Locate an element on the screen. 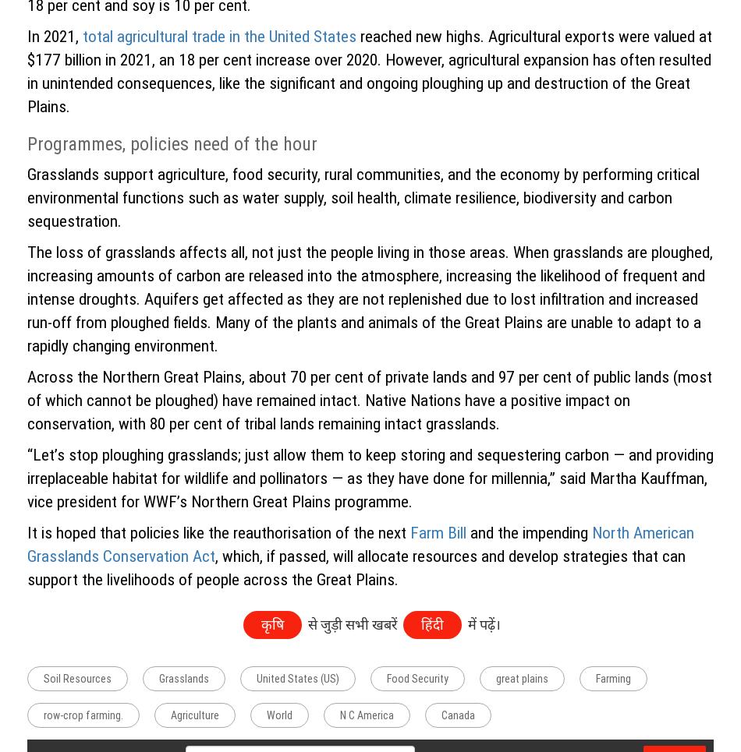 This screenshot has height=752, width=741. 'Across the Northern Great Plains, about 70 per cent of private lands and 97 per cent of public lands (most of which cannot be ploughed) have remained intact. Native Nations have a positive impact on conservation, with 80 per cent of tribal lands remaining intact grasslands.' is located at coordinates (368, 399).